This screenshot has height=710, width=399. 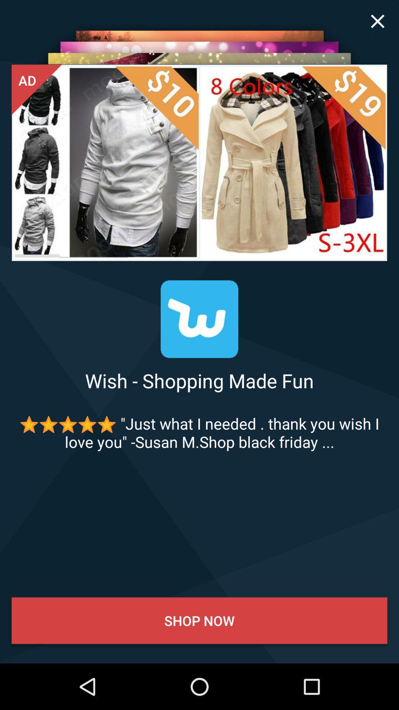 I want to click on the app below the just what i app, so click(x=199, y=621).